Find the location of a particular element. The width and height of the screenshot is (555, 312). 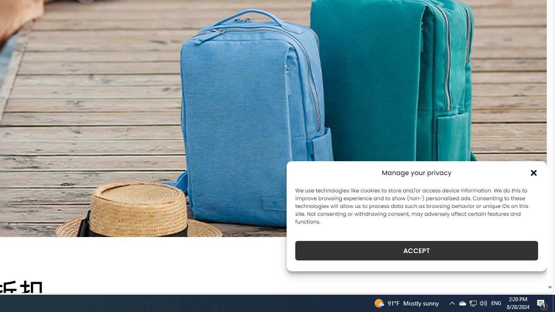

'Class: cmplz-close' is located at coordinates (533, 172).